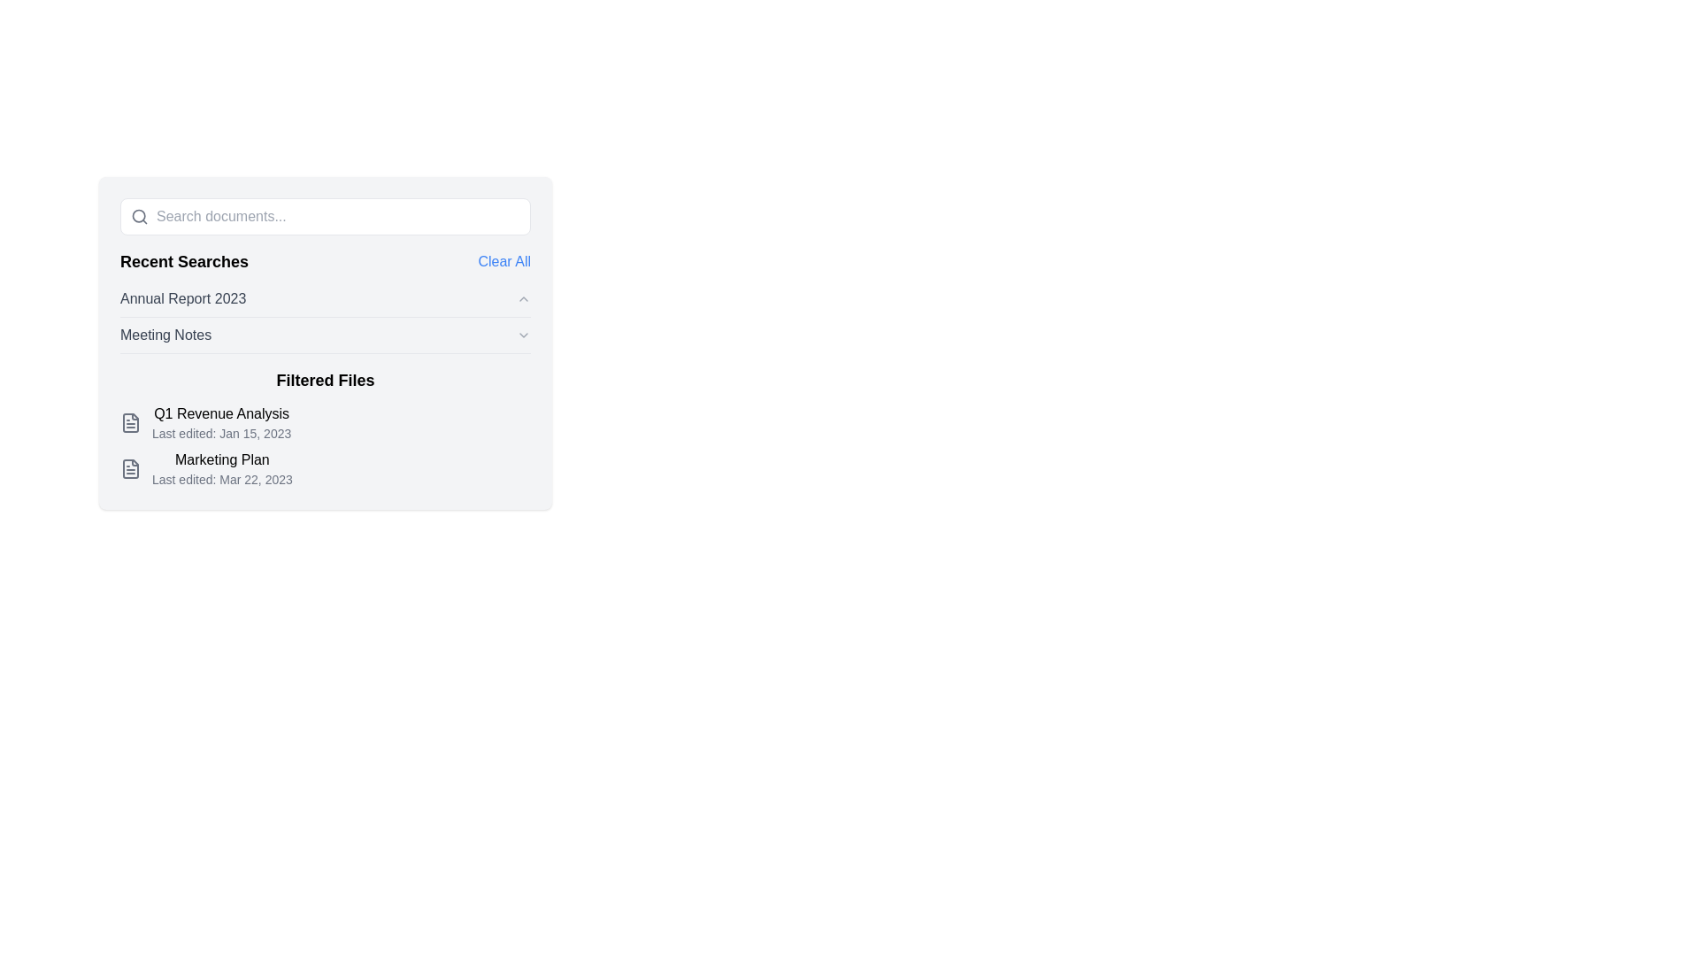  What do you see at coordinates (130, 423) in the screenshot?
I see `the graphical icon representing the 'Q1 Revenue Analysis' document, which is positioned below the 'Recent Searches' section in the 'Filtered Files' list, to access its associated text or link` at bounding box center [130, 423].